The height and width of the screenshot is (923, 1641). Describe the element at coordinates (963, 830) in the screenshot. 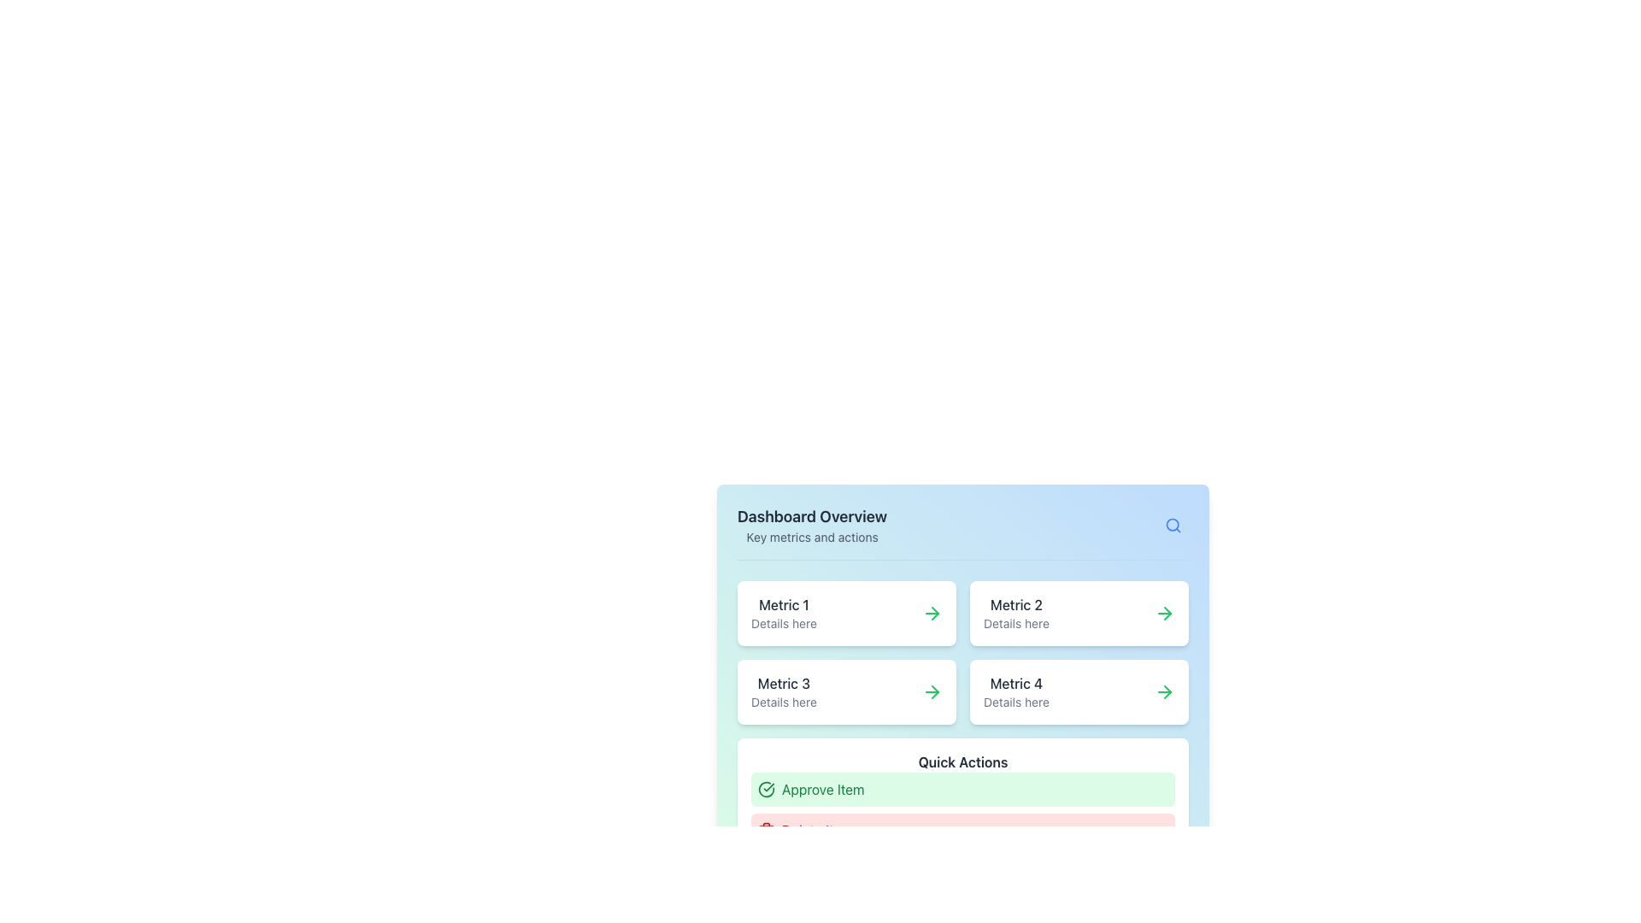

I see `the 'Delete Item' button, which is a rectangular component with a soft red background and red text, located below the 'Approve Item' button in the 'Quick Actions' section` at that location.